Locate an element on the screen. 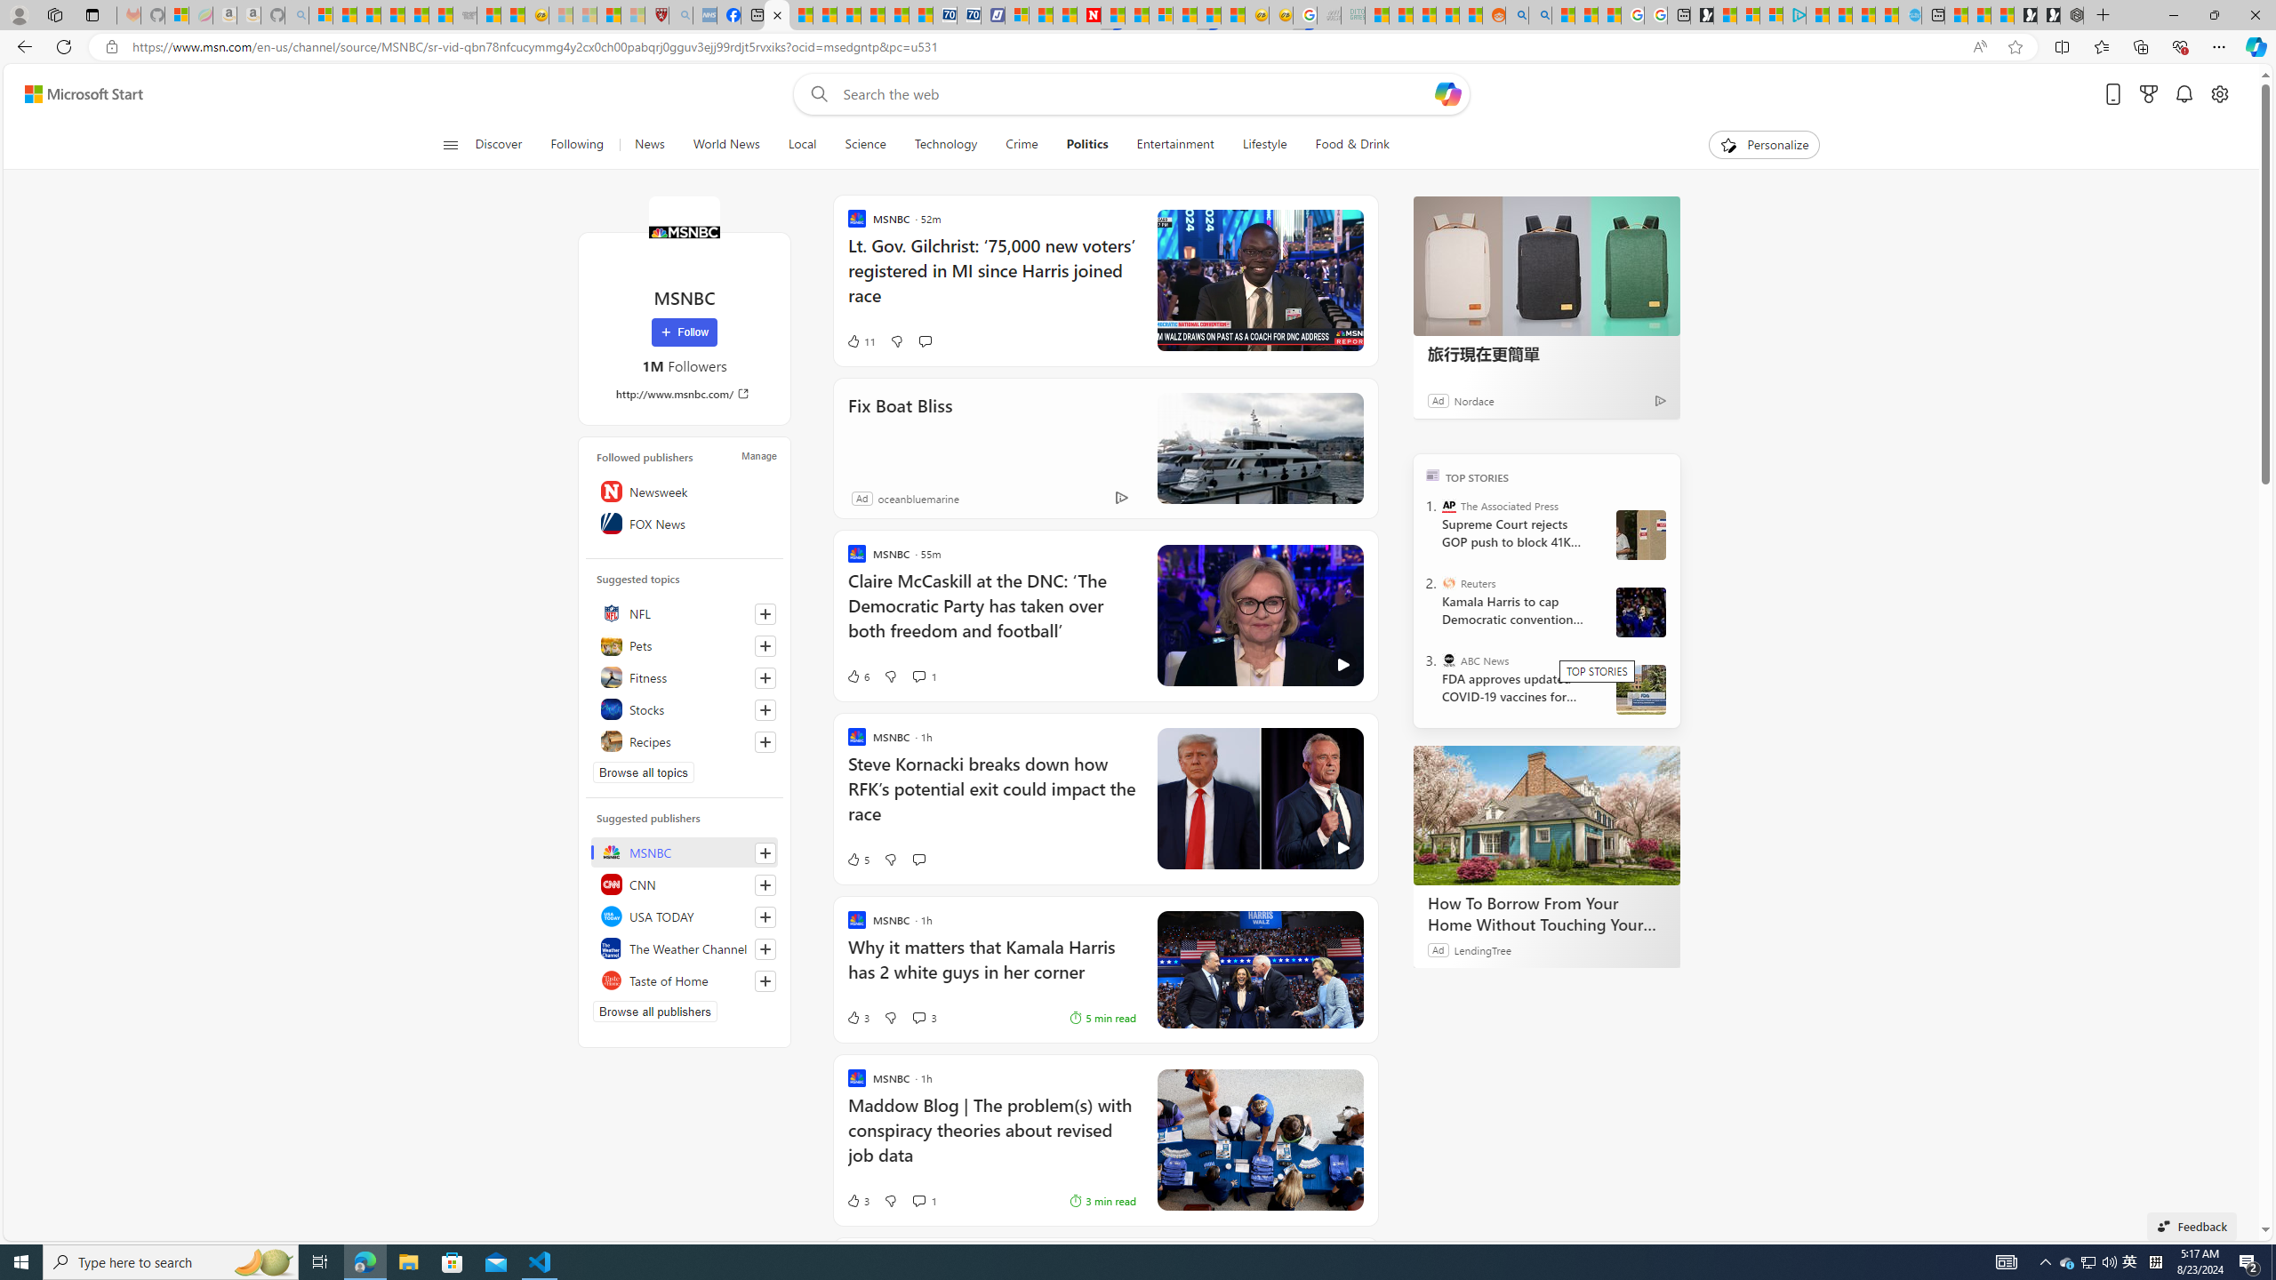  'NFL' is located at coordinates (685, 612).